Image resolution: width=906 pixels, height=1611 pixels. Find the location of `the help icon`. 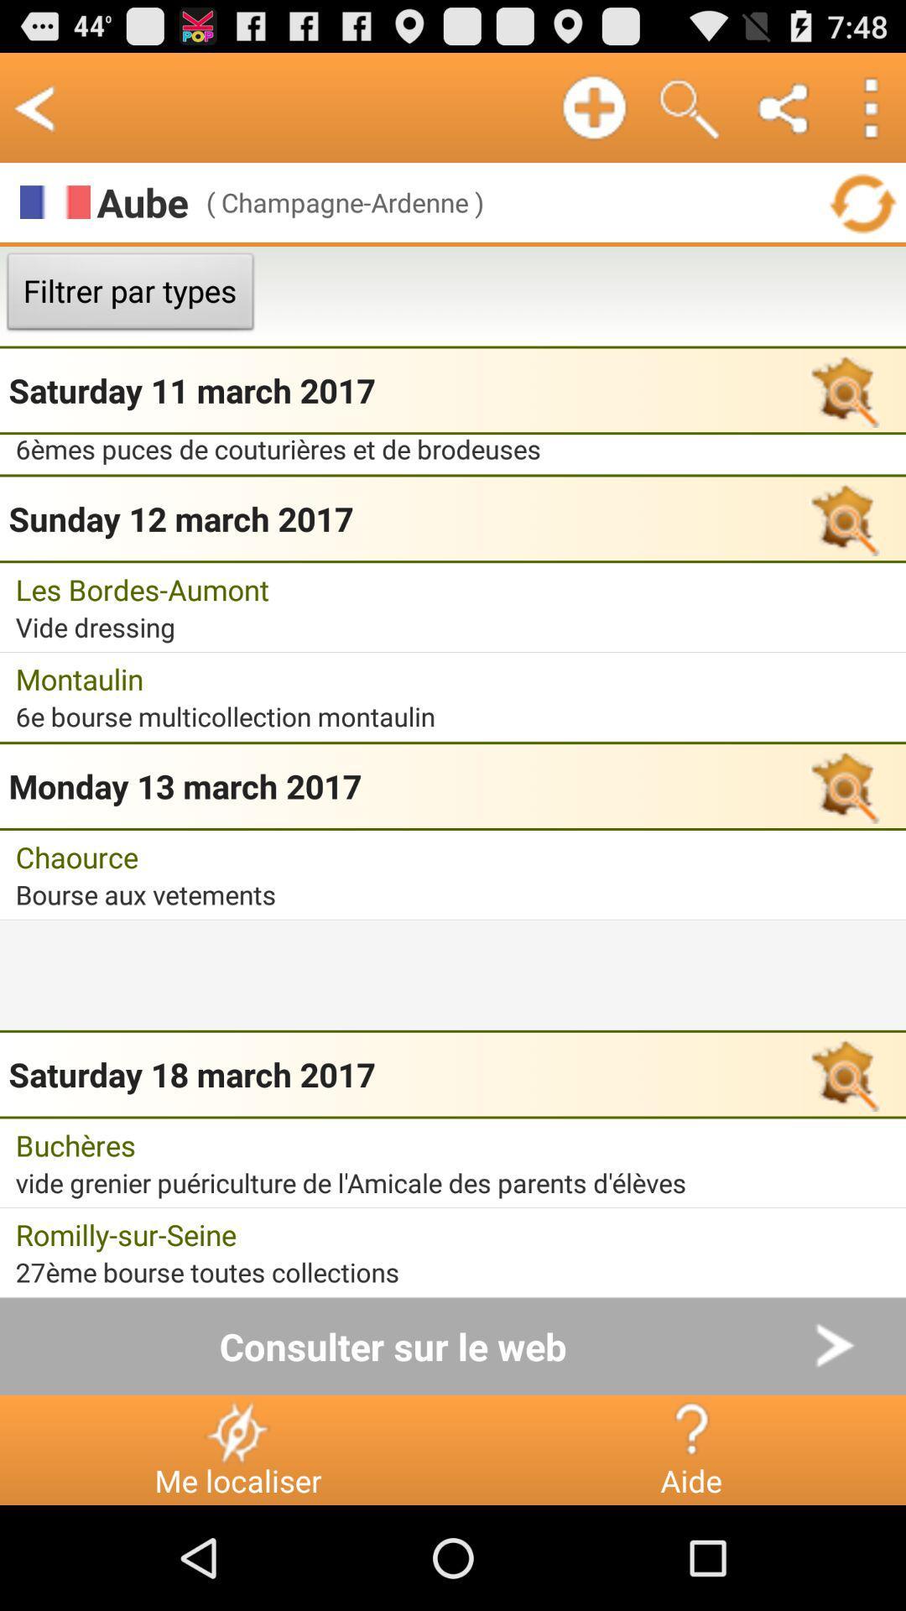

the help icon is located at coordinates (690, 1532).